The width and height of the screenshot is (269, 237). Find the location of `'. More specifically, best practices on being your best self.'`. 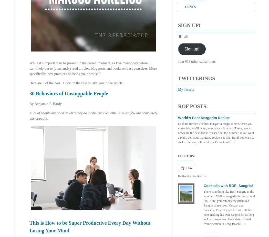

'. More specifically, best practices on being your best self.' is located at coordinates (93, 71).